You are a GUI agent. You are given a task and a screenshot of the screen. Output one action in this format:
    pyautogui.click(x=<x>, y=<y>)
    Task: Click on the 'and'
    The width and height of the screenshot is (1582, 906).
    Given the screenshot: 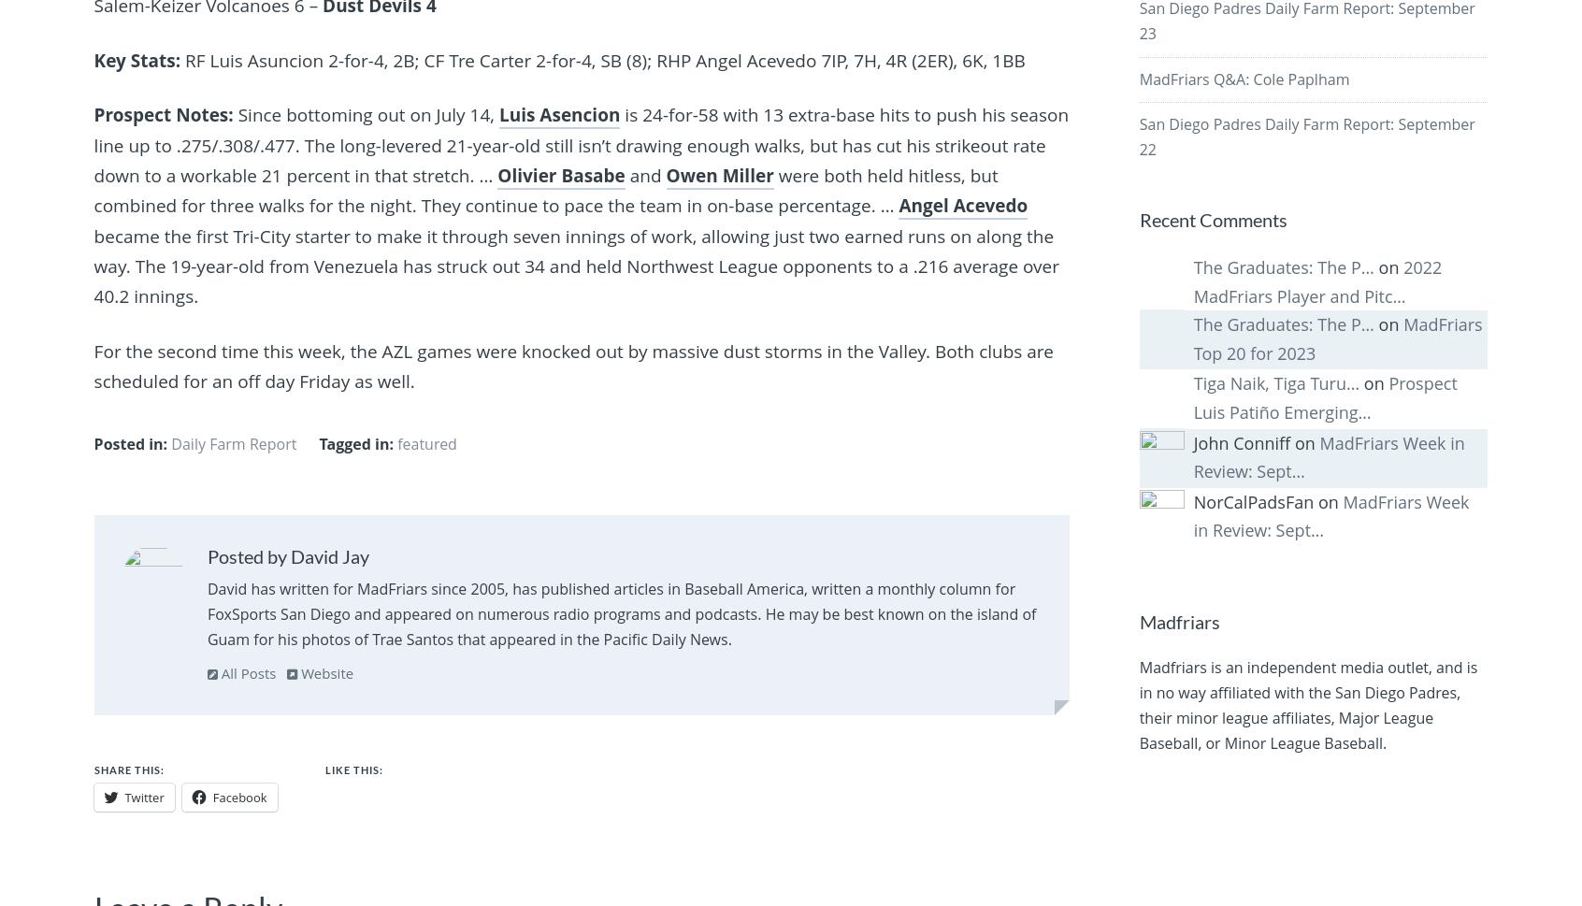 What is the action you would take?
    pyautogui.click(x=644, y=175)
    